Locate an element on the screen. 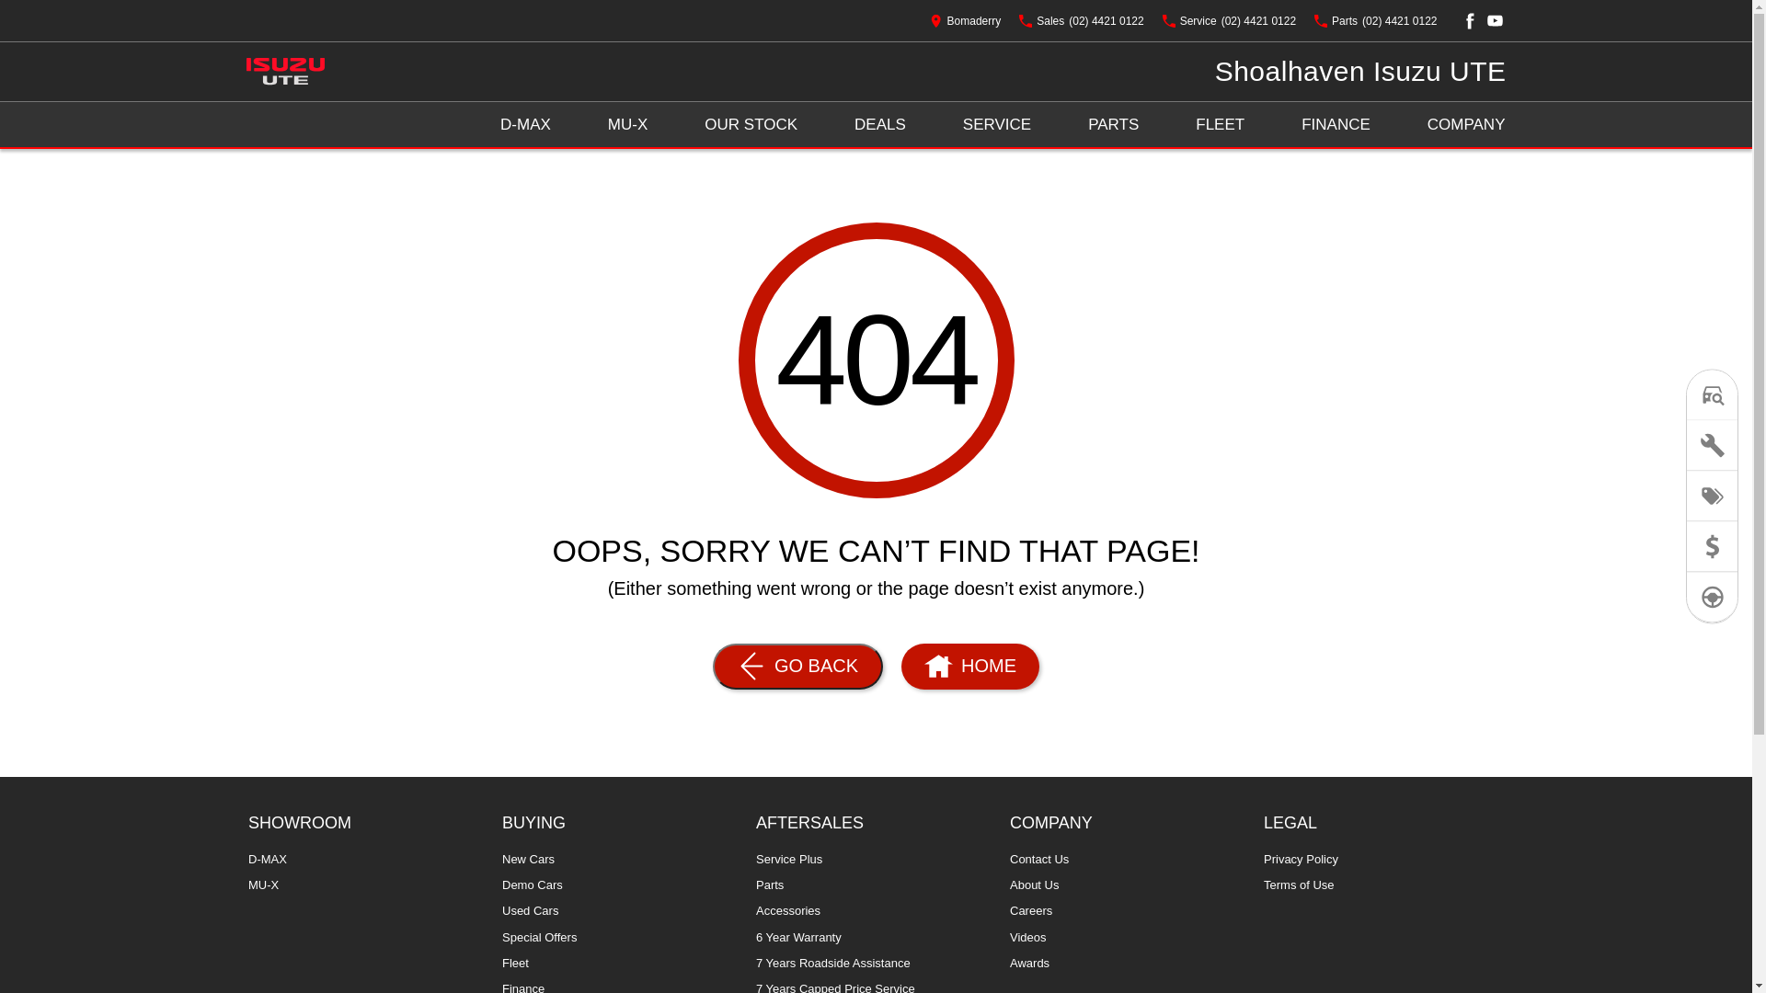  'Awards' is located at coordinates (1028, 963).